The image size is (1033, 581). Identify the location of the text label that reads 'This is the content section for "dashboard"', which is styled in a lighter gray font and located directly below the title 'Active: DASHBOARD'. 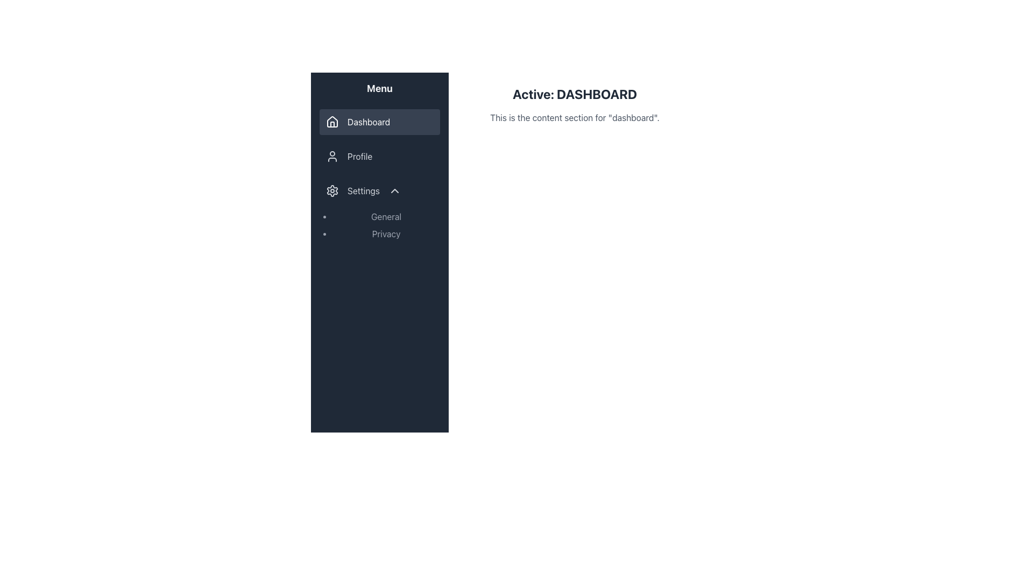
(574, 118).